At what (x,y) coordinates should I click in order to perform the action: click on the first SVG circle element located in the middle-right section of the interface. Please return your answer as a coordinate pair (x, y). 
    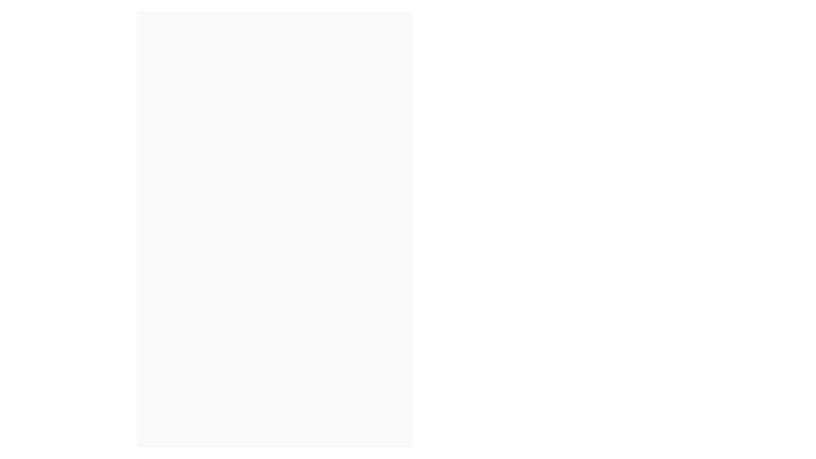
    Looking at the image, I should click on (499, 165).